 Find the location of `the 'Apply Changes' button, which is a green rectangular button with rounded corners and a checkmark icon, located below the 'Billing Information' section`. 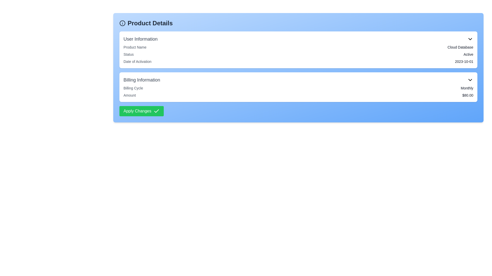

the 'Apply Changes' button, which is a green rectangular button with rounded corners and a checkmark icon, located below the 'Billing Information' section is located at coordinates (141, 111).